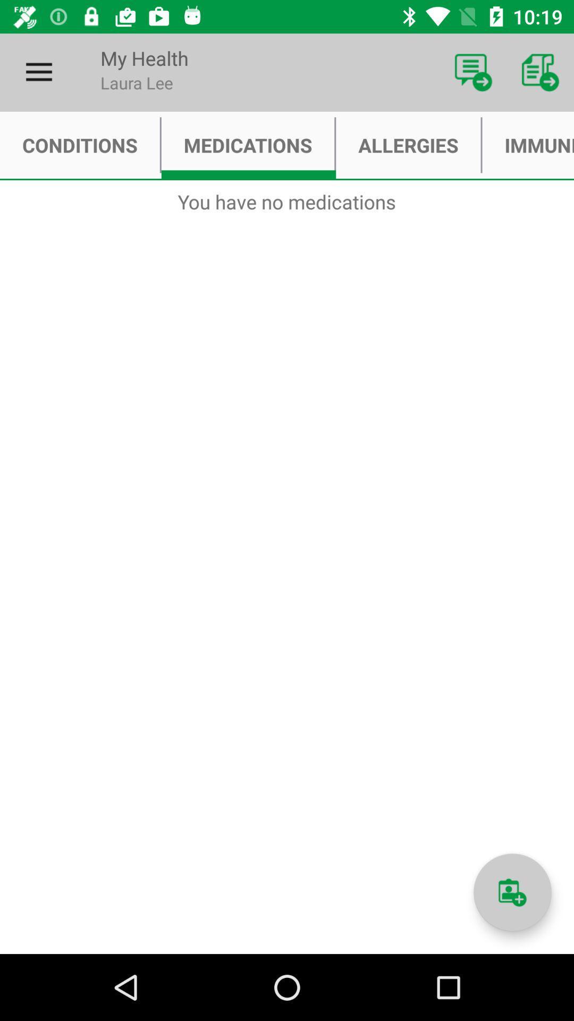 The height and width of the screenshot is (1021, 574). I want to click on the icon above the allergies icon, so click(473, 72).